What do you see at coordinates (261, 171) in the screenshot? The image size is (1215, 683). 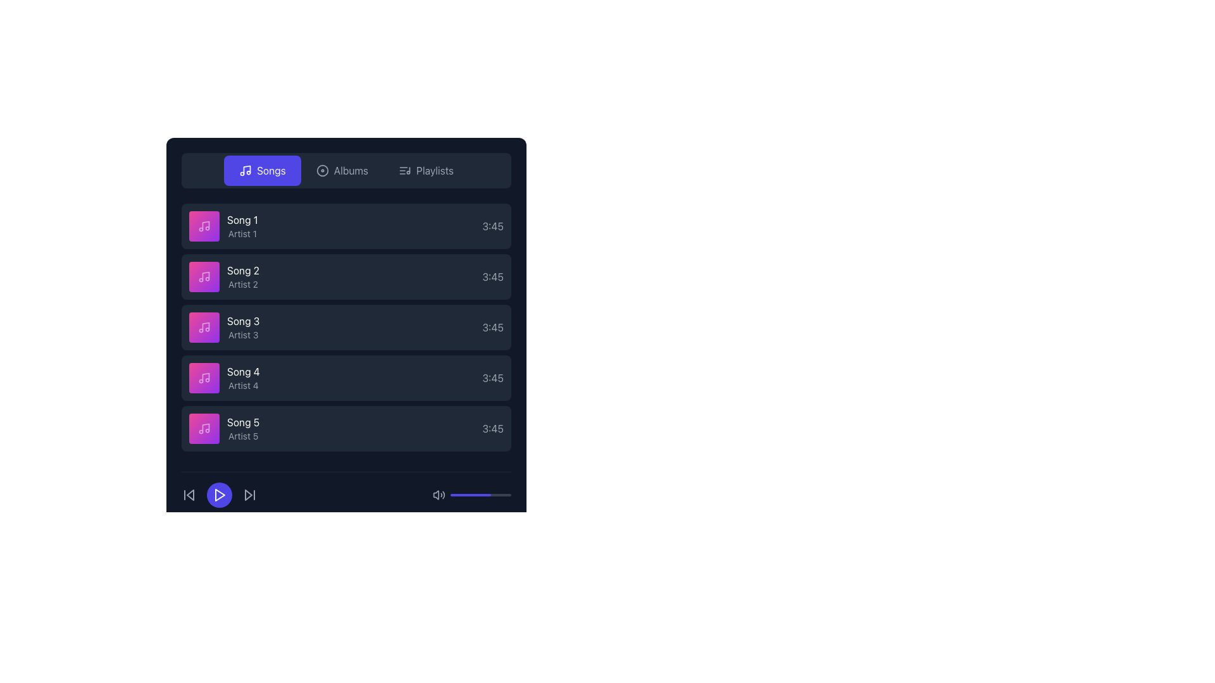 I see `the 'Songs' button, which is a rectangular clickable button with a vivid indigo background and white text` at bounding box center [261, 171].